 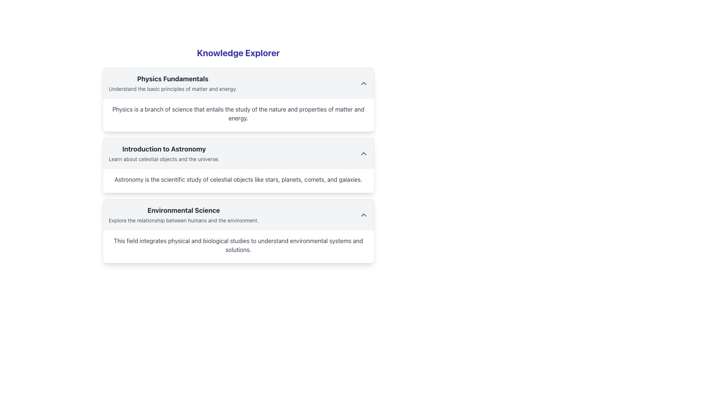 What do you see at coordinates (363, 215) in the screenshot?
I see `the toggle button located in the upper-right corner of the 'Environmental Science' section` at bounding box center [363, 215].